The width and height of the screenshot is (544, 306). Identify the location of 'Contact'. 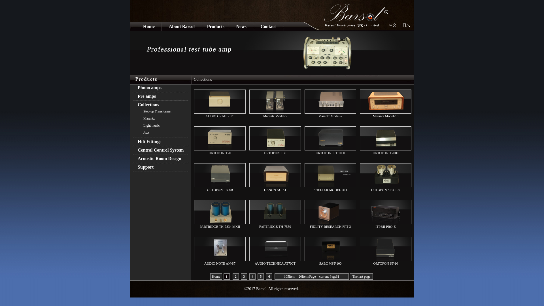
(268, 26).